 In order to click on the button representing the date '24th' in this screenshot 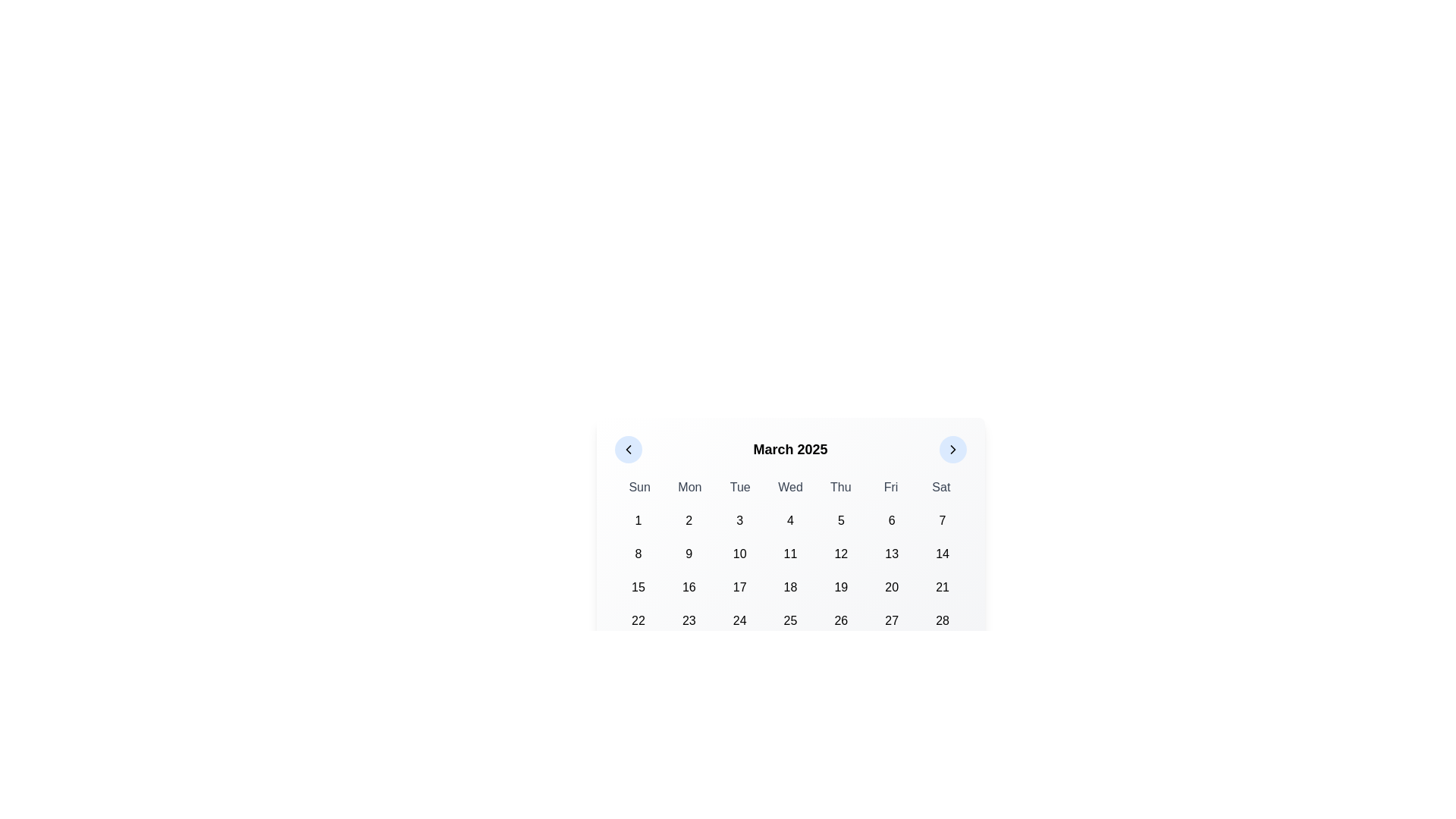, I will do `click(739, 620)`.